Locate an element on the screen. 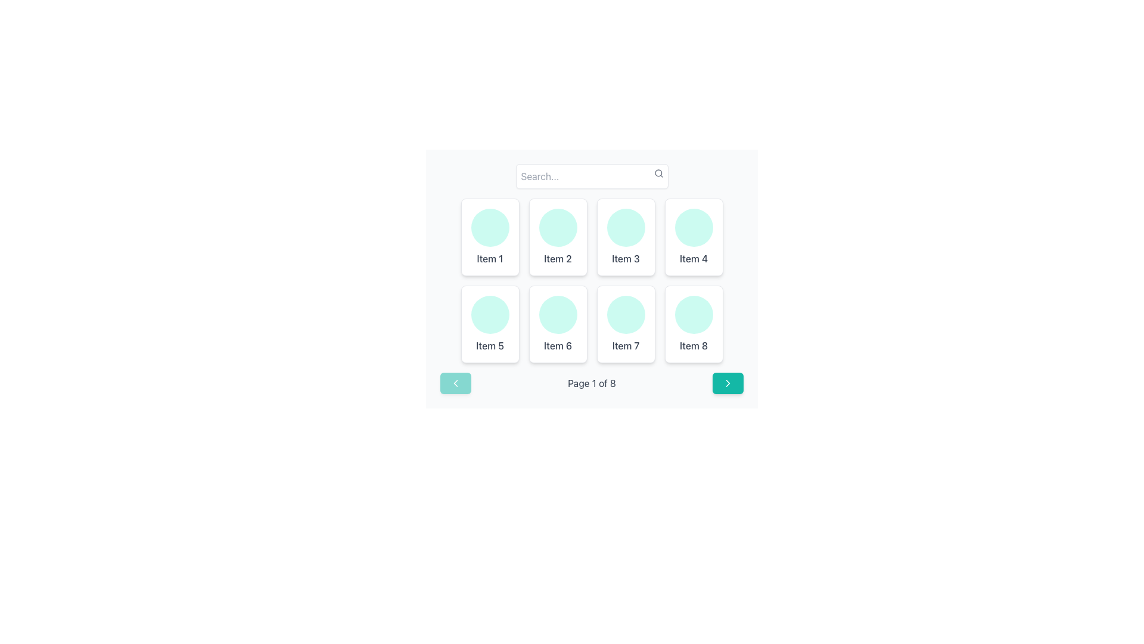 The height and width of the screenshot is (644, 1144). the Card labeled 'Item 1', which is the first card in a 4x2 grid layout located in the top-left corner of the grid is located at coordinates (490, 237).